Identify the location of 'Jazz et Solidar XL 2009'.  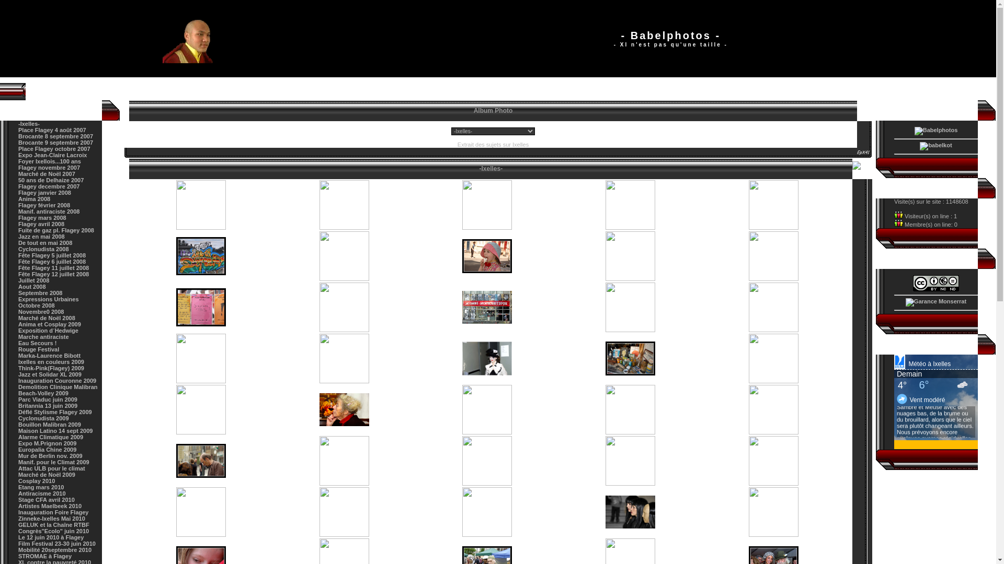
(49, 374).